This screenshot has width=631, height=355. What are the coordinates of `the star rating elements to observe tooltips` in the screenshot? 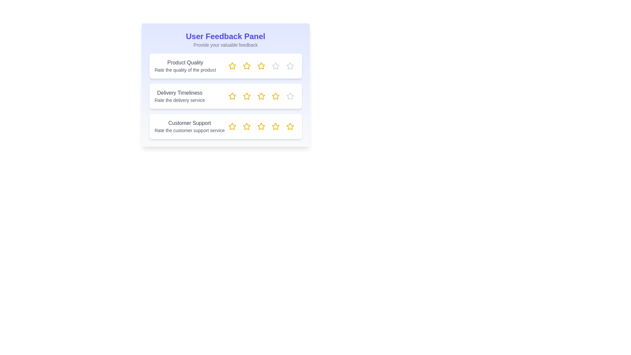 It's located at (232, 66).